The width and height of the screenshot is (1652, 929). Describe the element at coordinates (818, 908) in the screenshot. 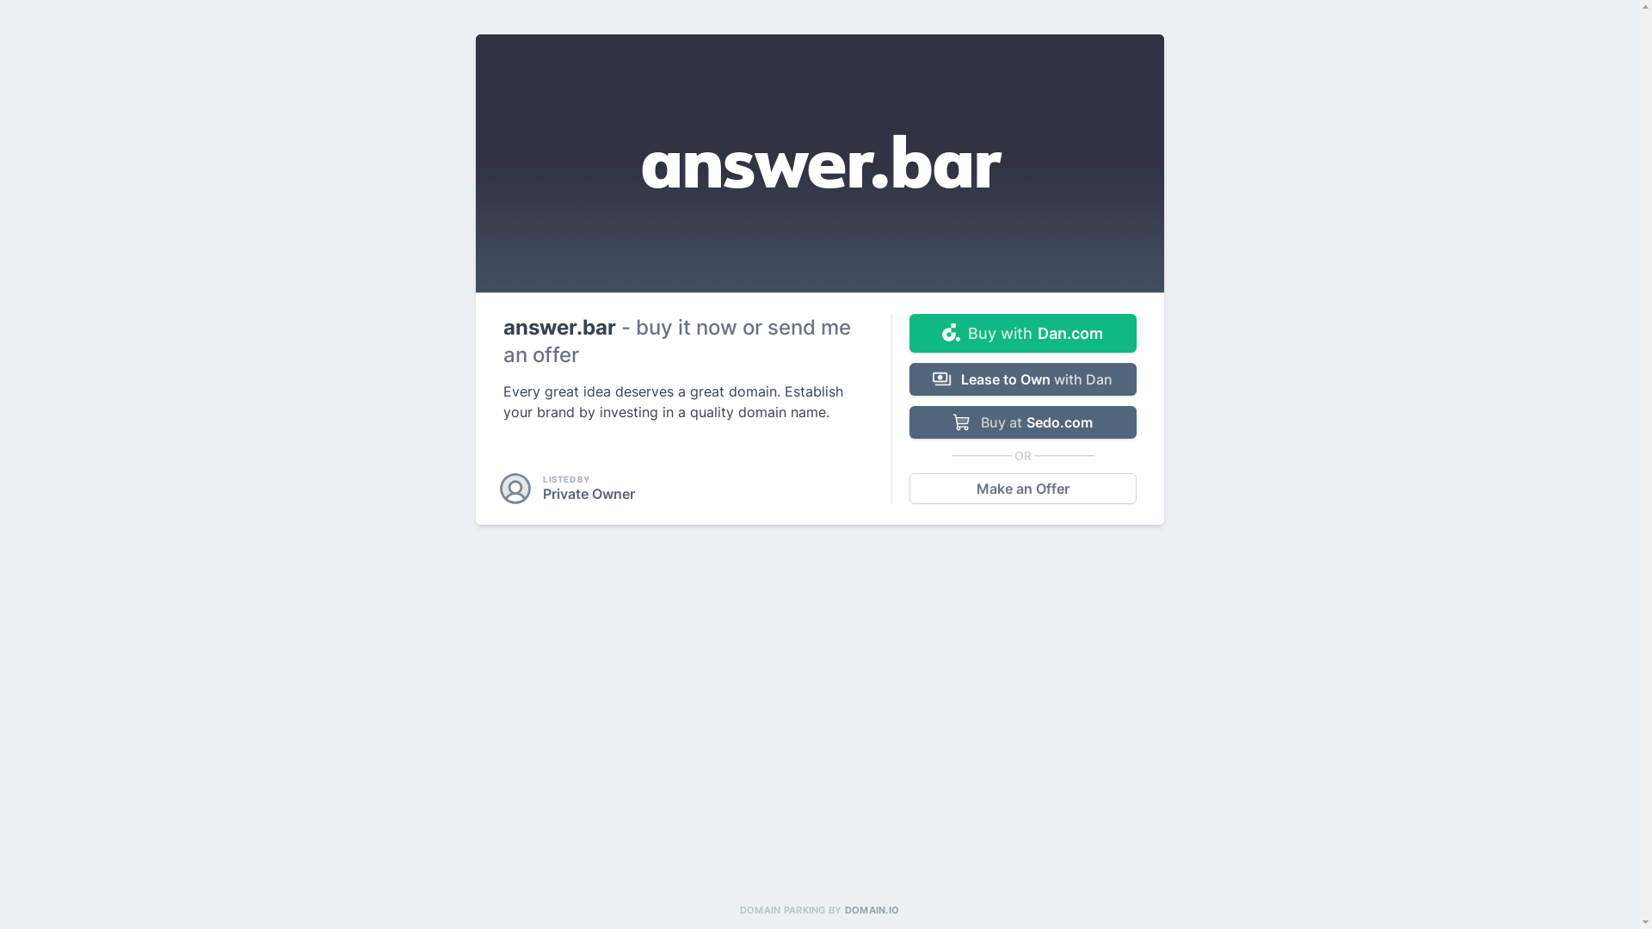

I see `'DOMAIN PARKING BY DOMAIN.IO'` at that location.